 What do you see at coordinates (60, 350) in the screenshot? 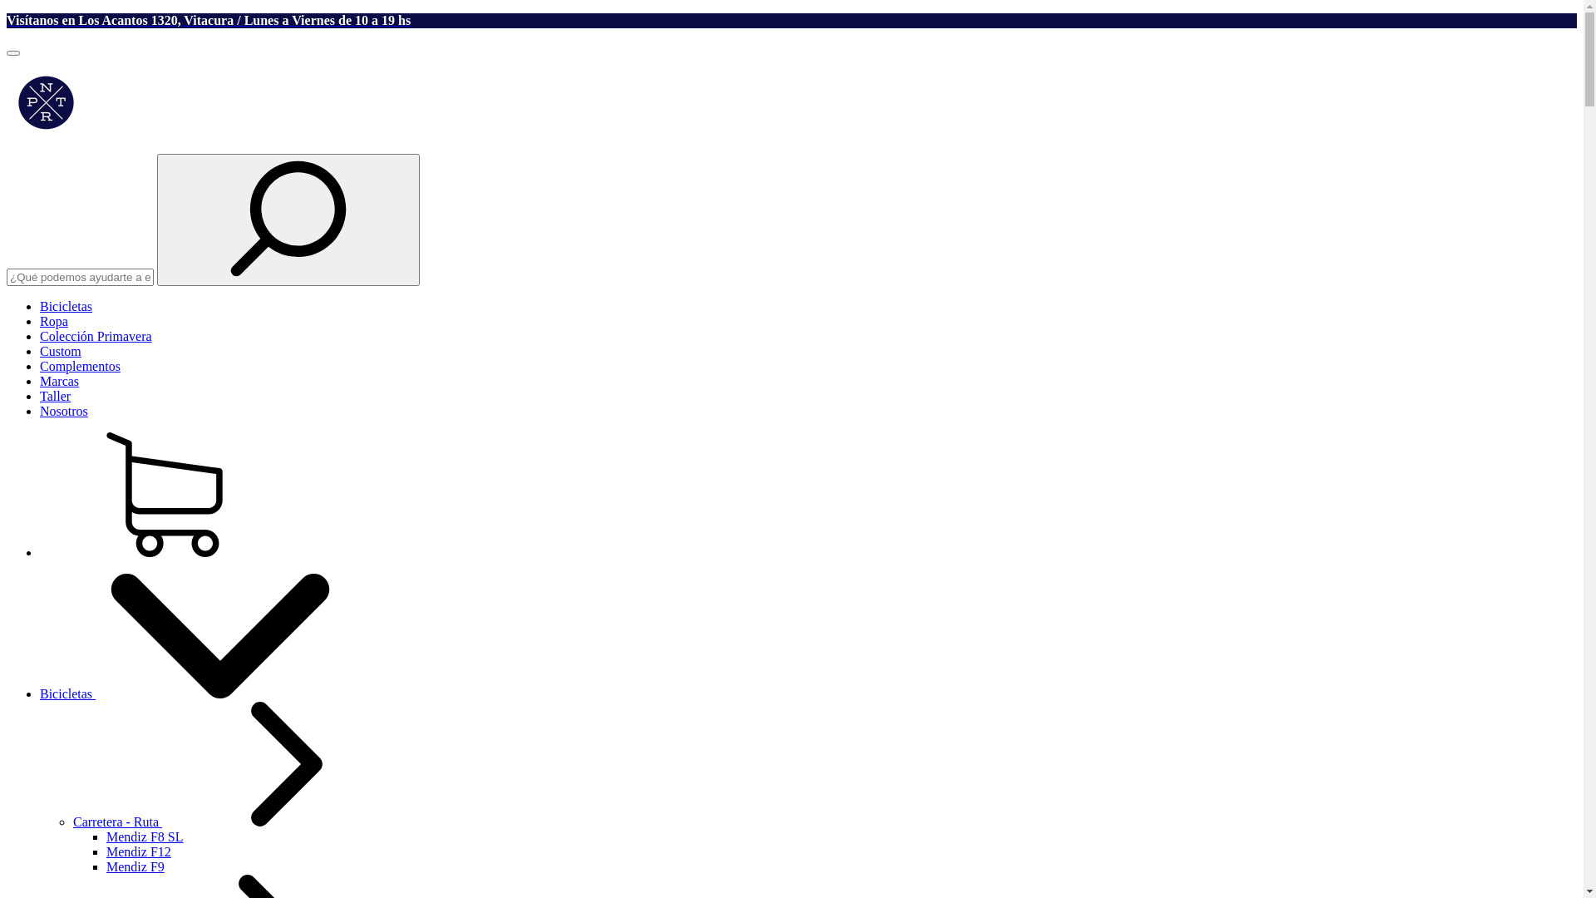
I see `'Custom'` at bounding box center [60, 350].